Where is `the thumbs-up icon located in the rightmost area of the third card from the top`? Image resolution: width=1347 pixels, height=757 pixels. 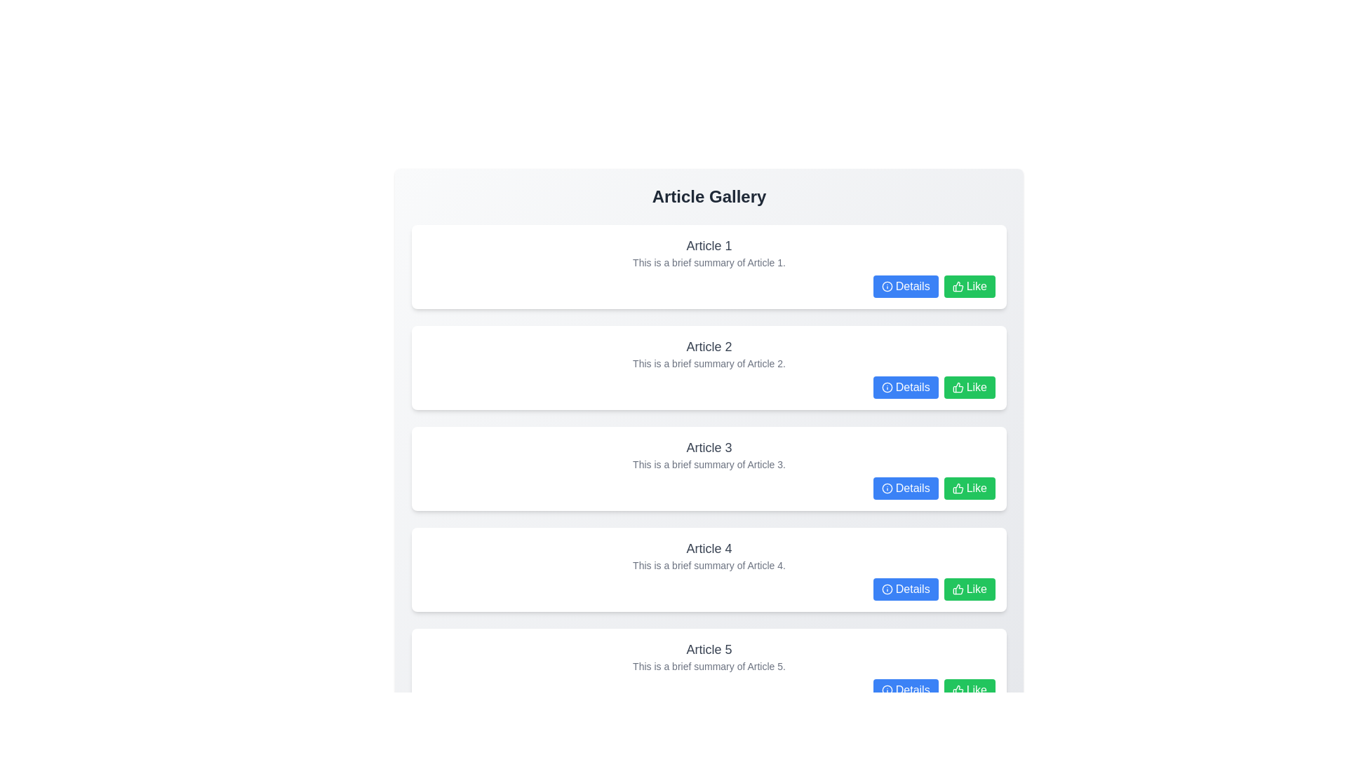
the thumbs-up icon located in the rightmost area of the third card from the top is located at coordinates (957, 488).